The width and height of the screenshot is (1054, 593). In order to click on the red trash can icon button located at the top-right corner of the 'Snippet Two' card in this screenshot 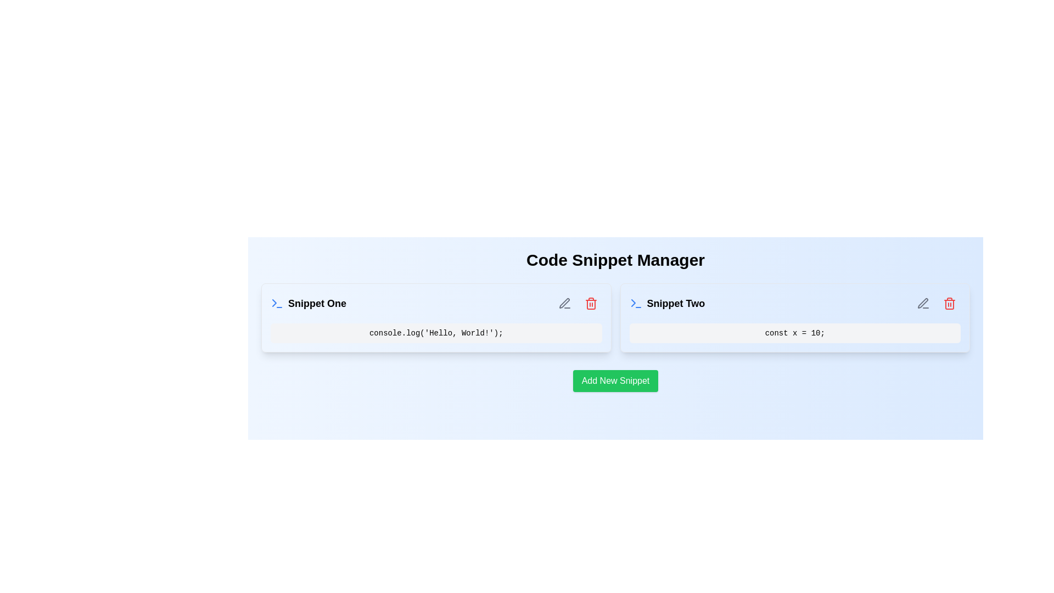, I will do `click(949, 303)`.